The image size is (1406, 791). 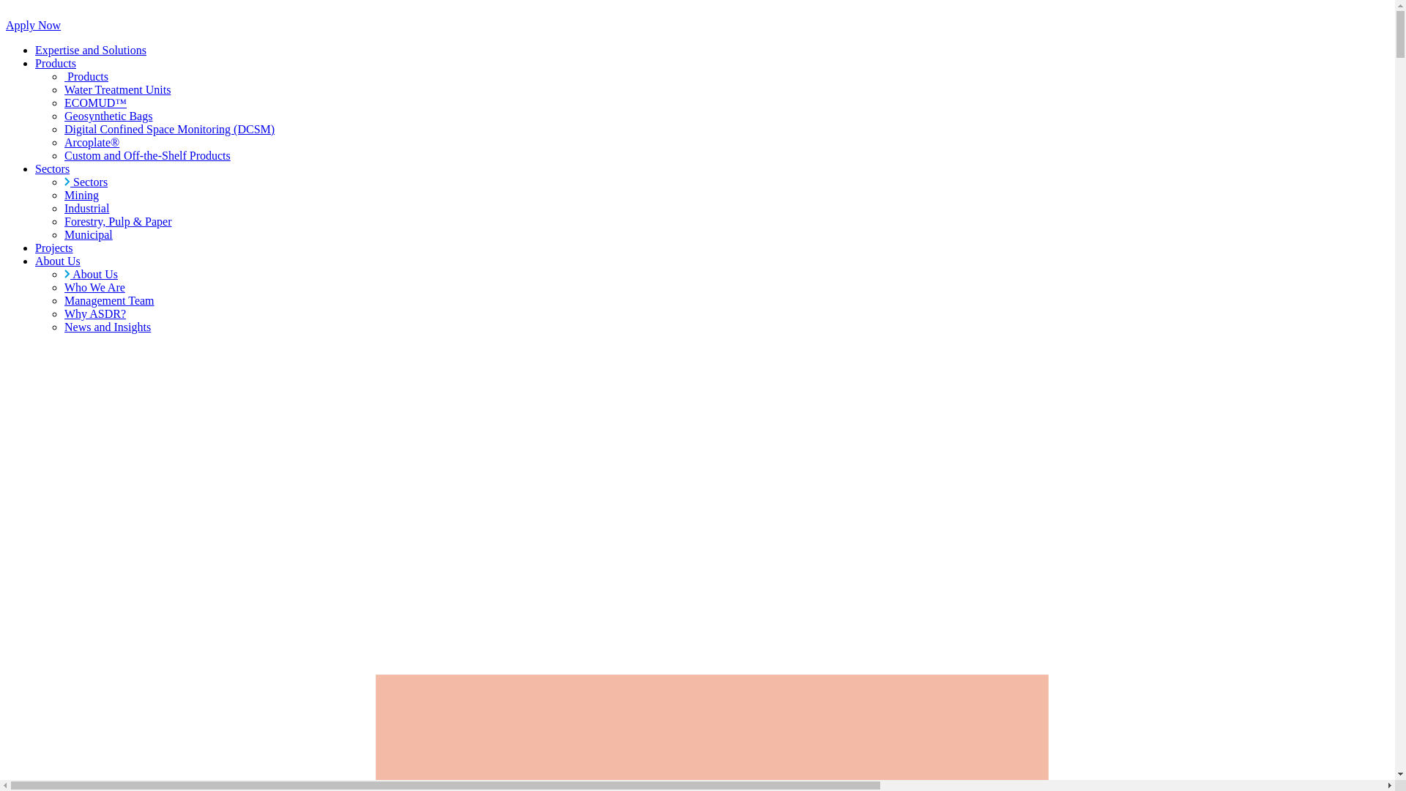 What do you see at coordinates (147, 155) in the screenshot?
I see `'Custom and Off-the-Shelf Products'` at bounding box center [147, 155].